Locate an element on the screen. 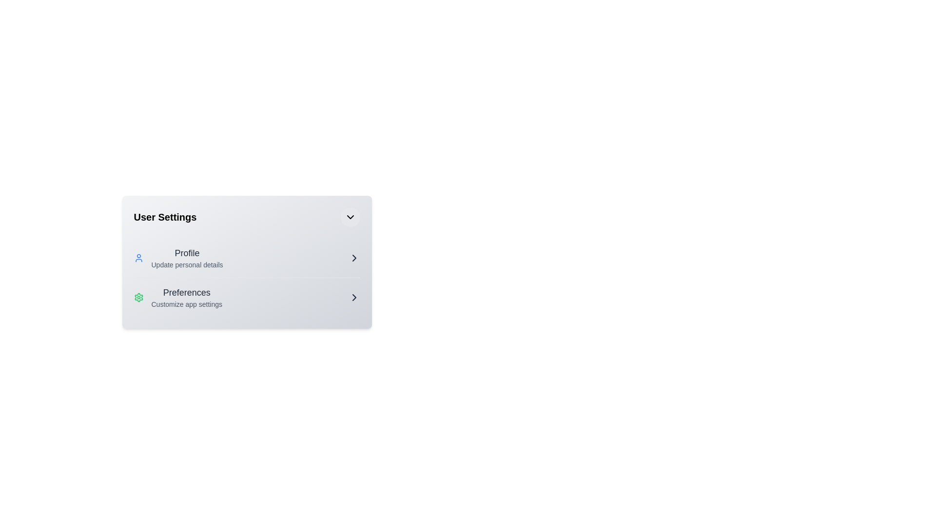 The height and width of the screenshot is (526, 936). the user profile icon in the 'User Settings' section, which is the leftmost component of the first line item labeled 'Profile' is located at coordinates (138, 257).